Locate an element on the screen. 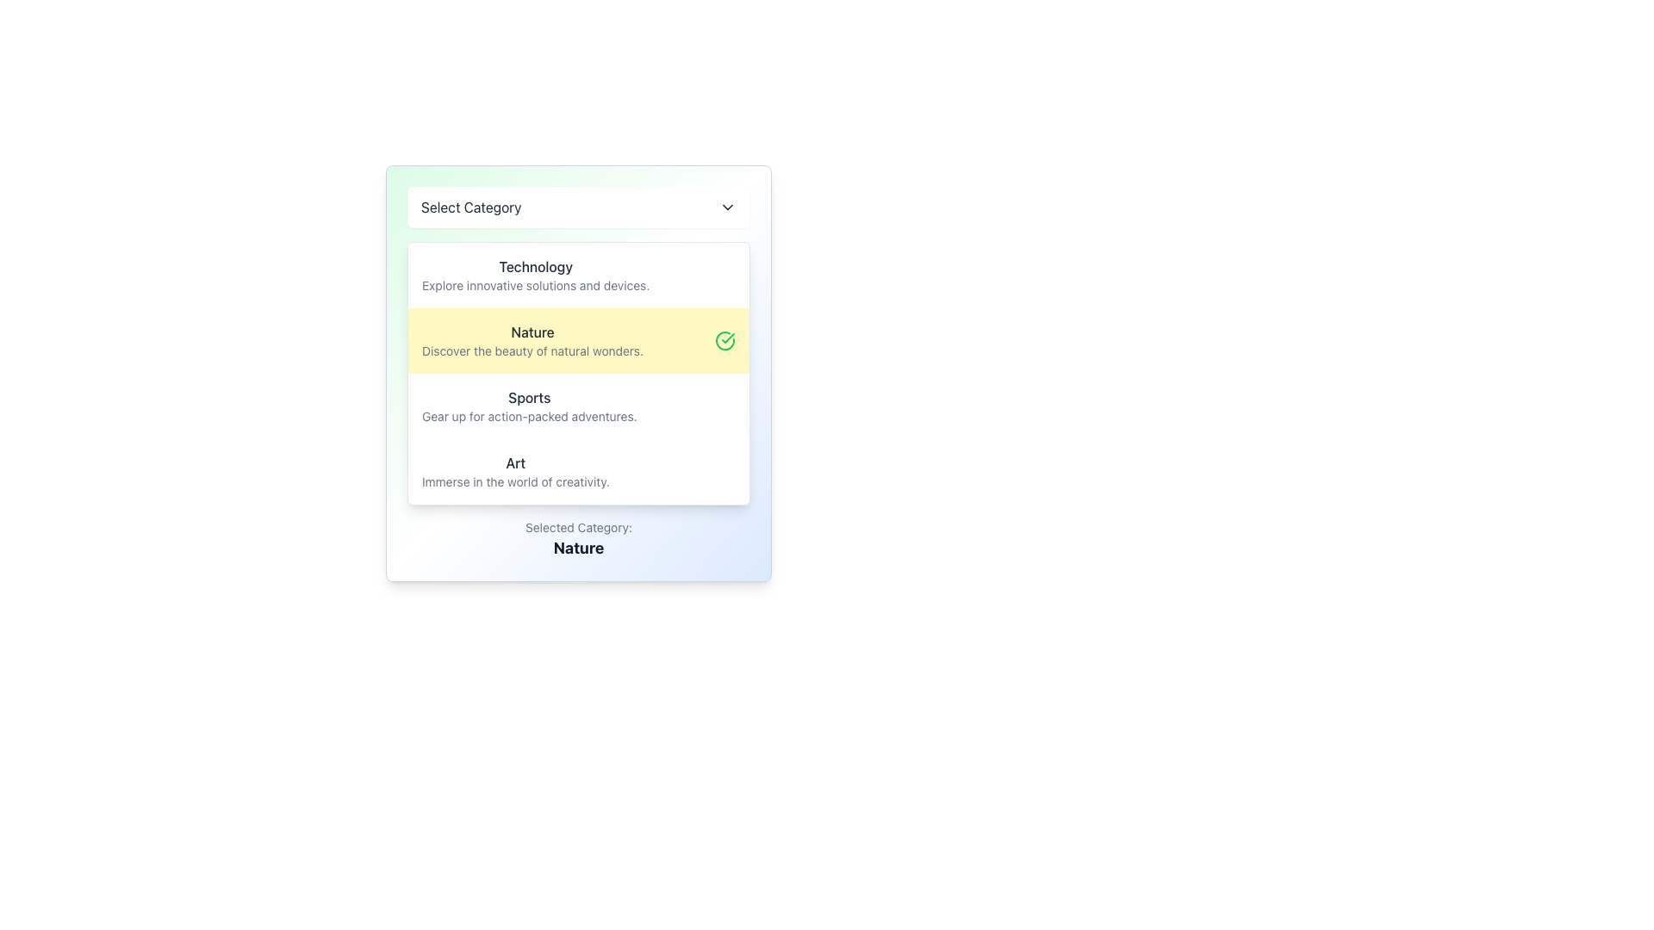 The height and width of the screenshot is (930, 1654). the 'Art' textual list item which has a bold title and a lighter subtitle, located at the bottom of the dropdown menu under 'Sports' is located at coordinates (514, 471).